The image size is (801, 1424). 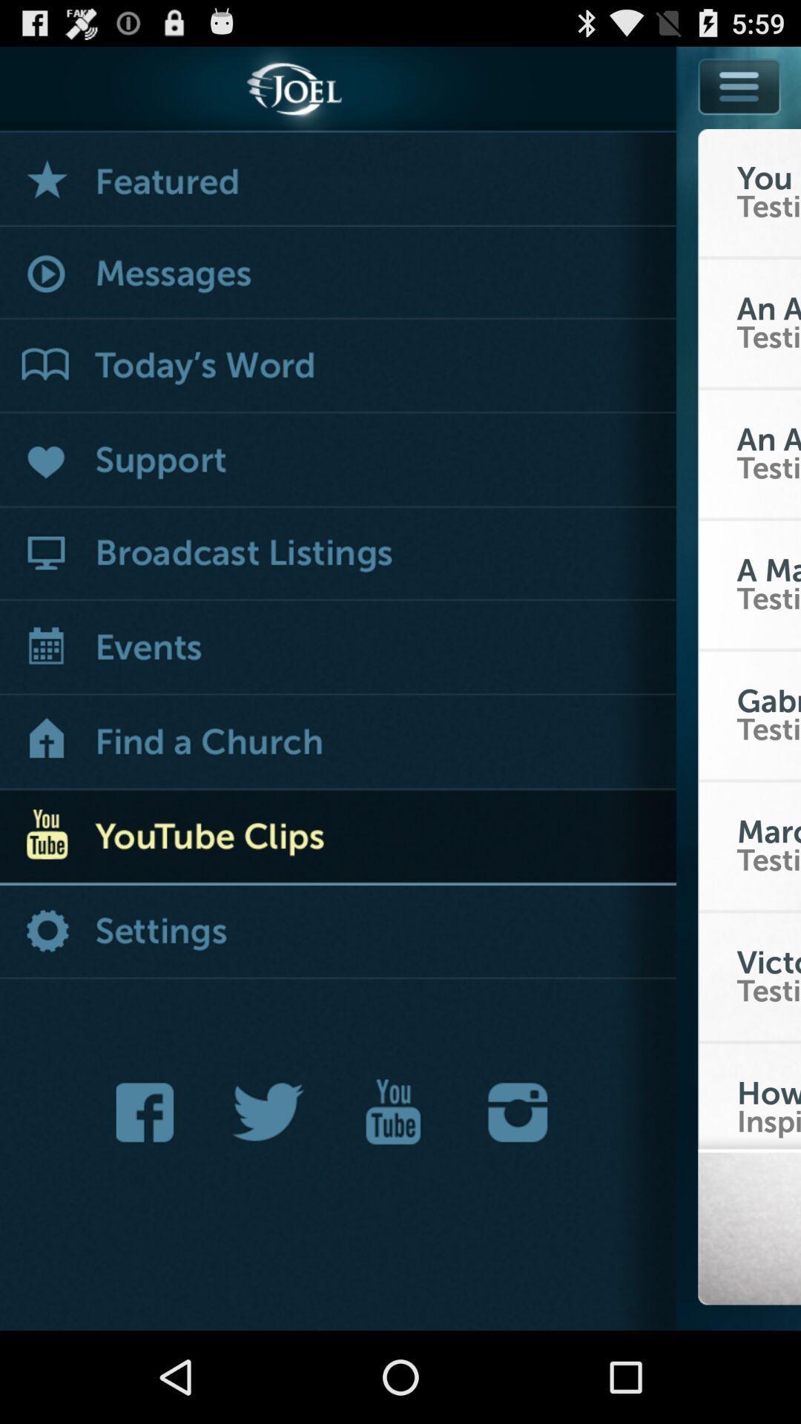 What do you see at coordinates (337, 179) in the screenshot?
I see `show featured items` at bounding box center [337, 179].